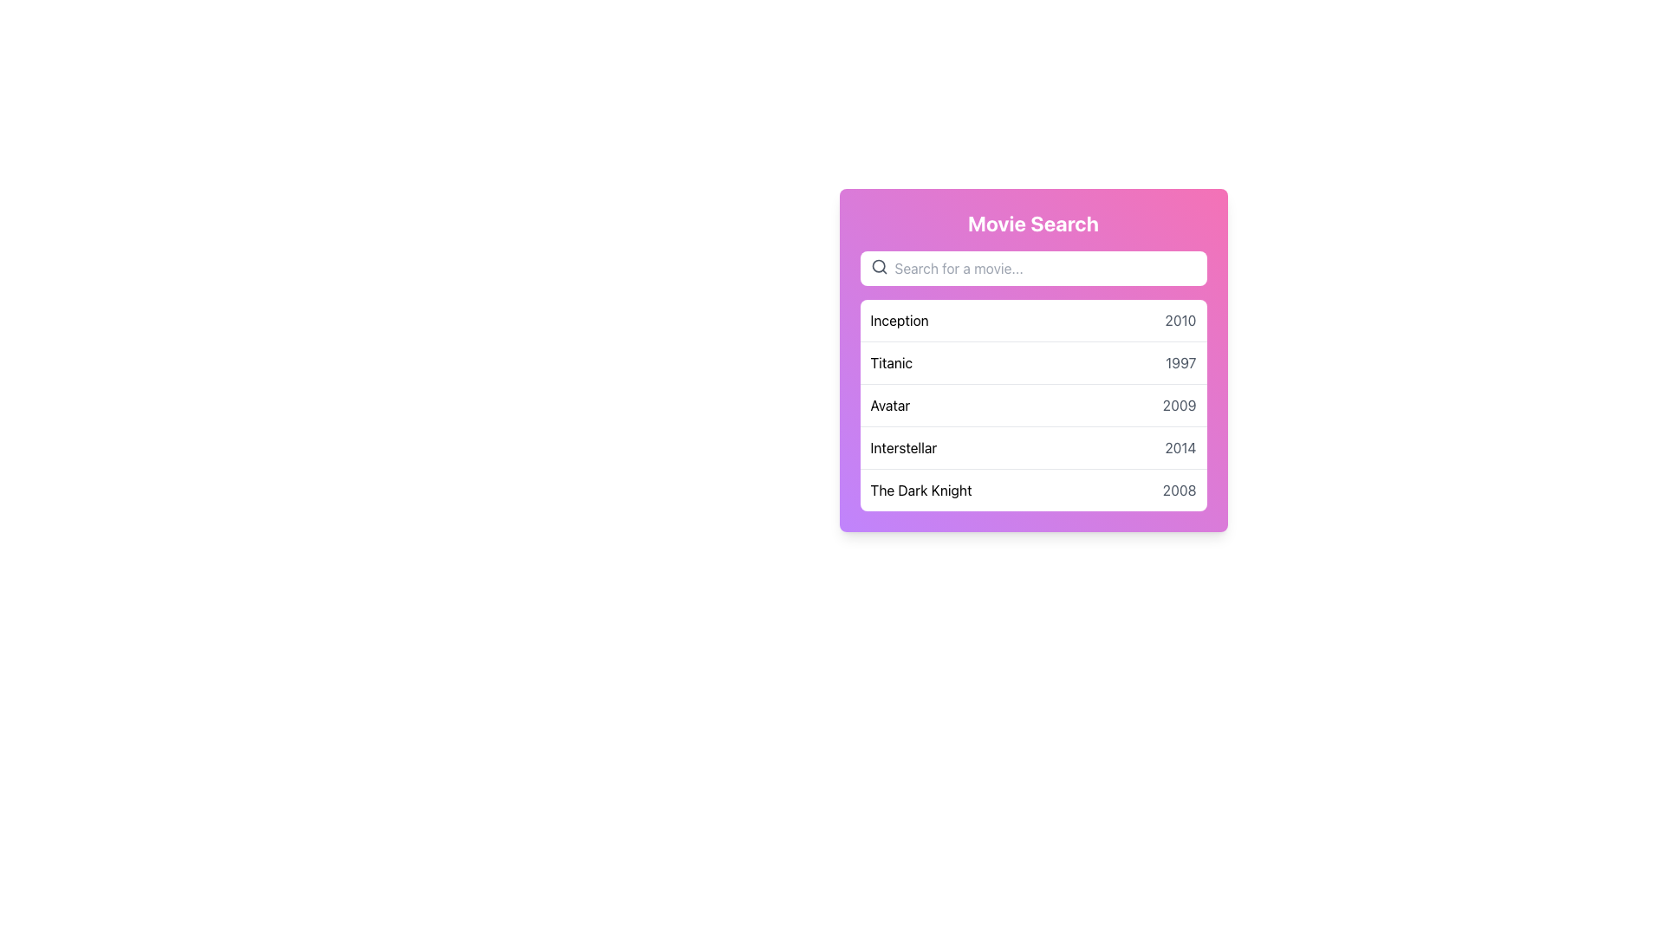 This screenshot has width=1664, height=936. I want to click on the first selectable list item displaying 'Inception' and '2010', so click(1033, 321).